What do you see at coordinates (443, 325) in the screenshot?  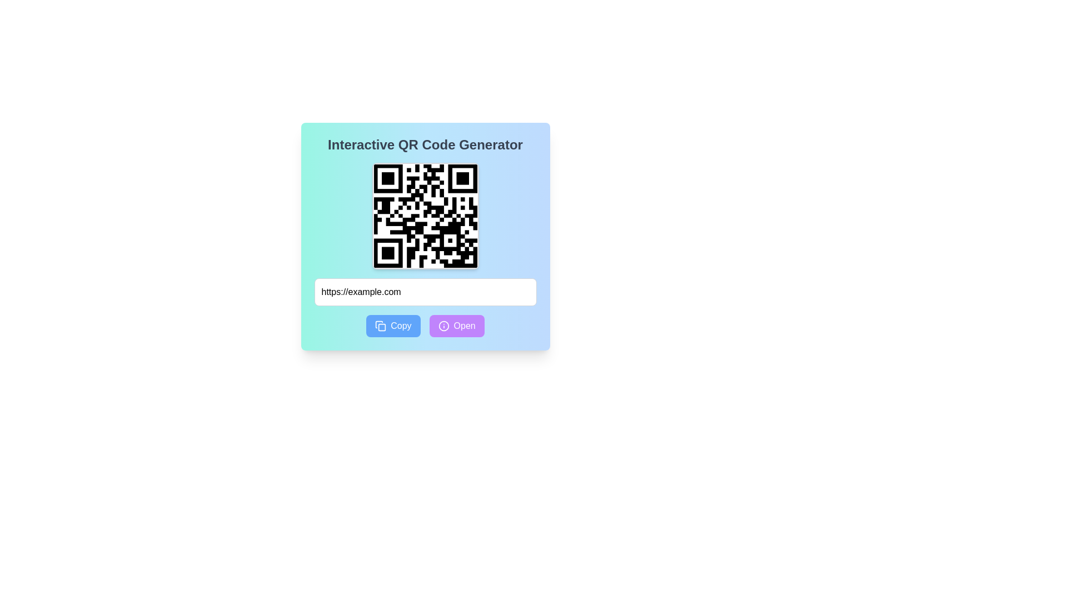 I see `the information icon located to the left of the 'Open' button text label, which is styled as a minimalist information symbol with a circle, vertical line, and dot above it` at bounding box center [443, 325].